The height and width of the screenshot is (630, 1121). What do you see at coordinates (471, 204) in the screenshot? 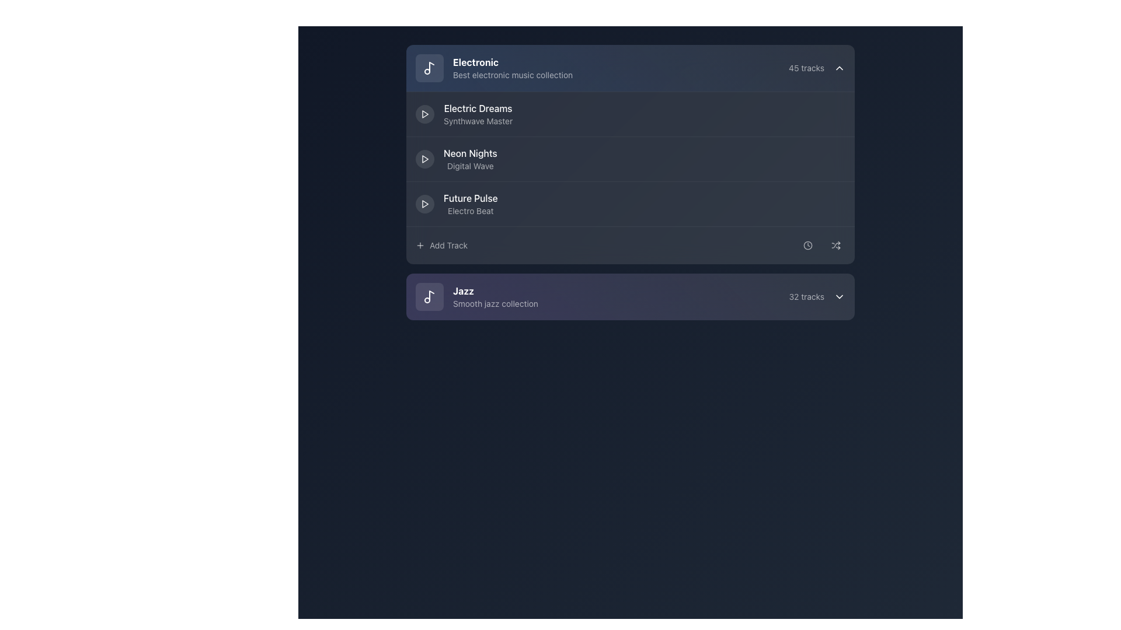
I see `the text label 'Future Pulse' under the 'Electronic' section` at bounding box center [471, 204].